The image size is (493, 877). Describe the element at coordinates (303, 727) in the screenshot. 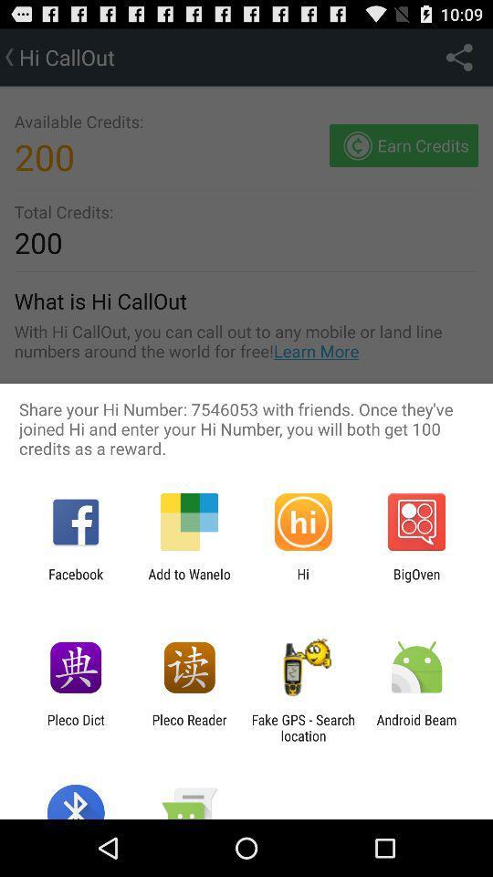

I see `icon next to the android beam` at that location.